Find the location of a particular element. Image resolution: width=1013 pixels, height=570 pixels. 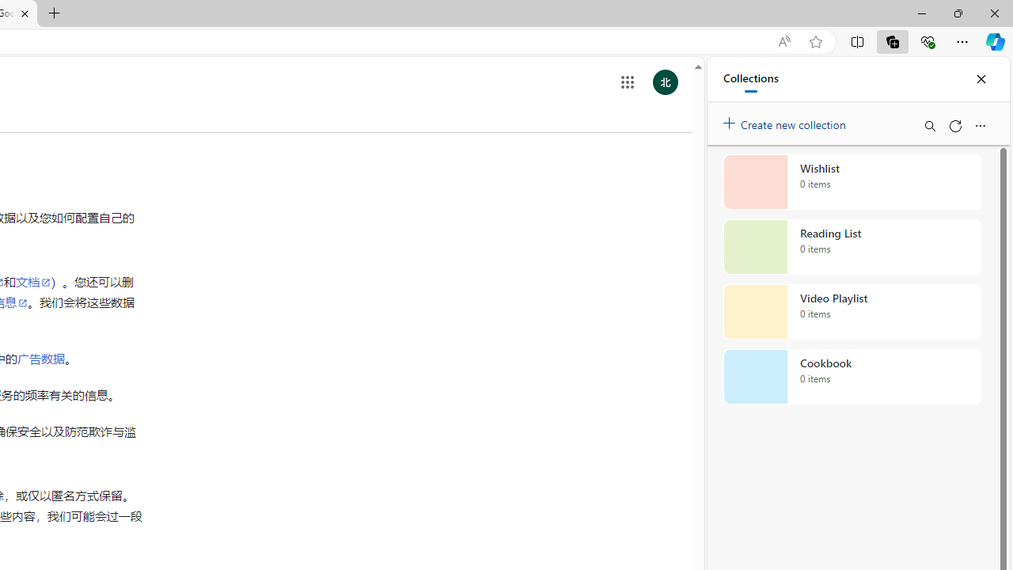

'Reading List collection, 0 items' is located at coordinates (852, 247).